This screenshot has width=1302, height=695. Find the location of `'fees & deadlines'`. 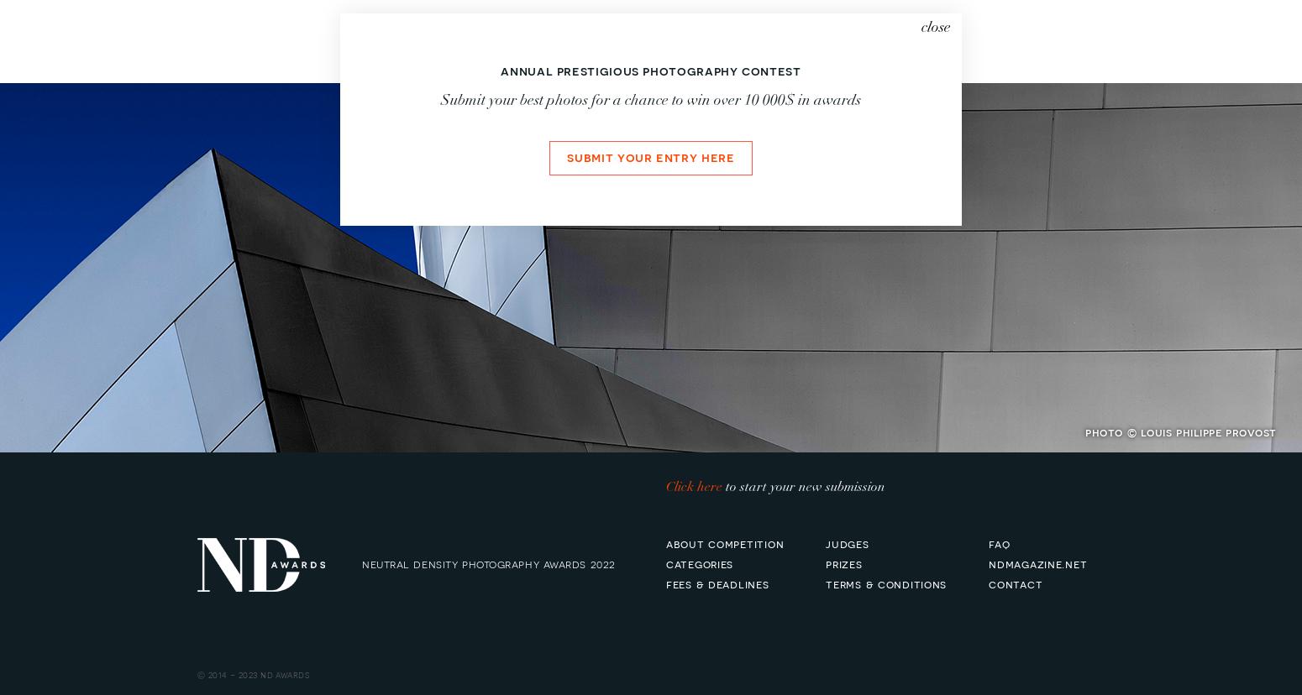

'fees & deadlines' is located at coordinates (664, 583).